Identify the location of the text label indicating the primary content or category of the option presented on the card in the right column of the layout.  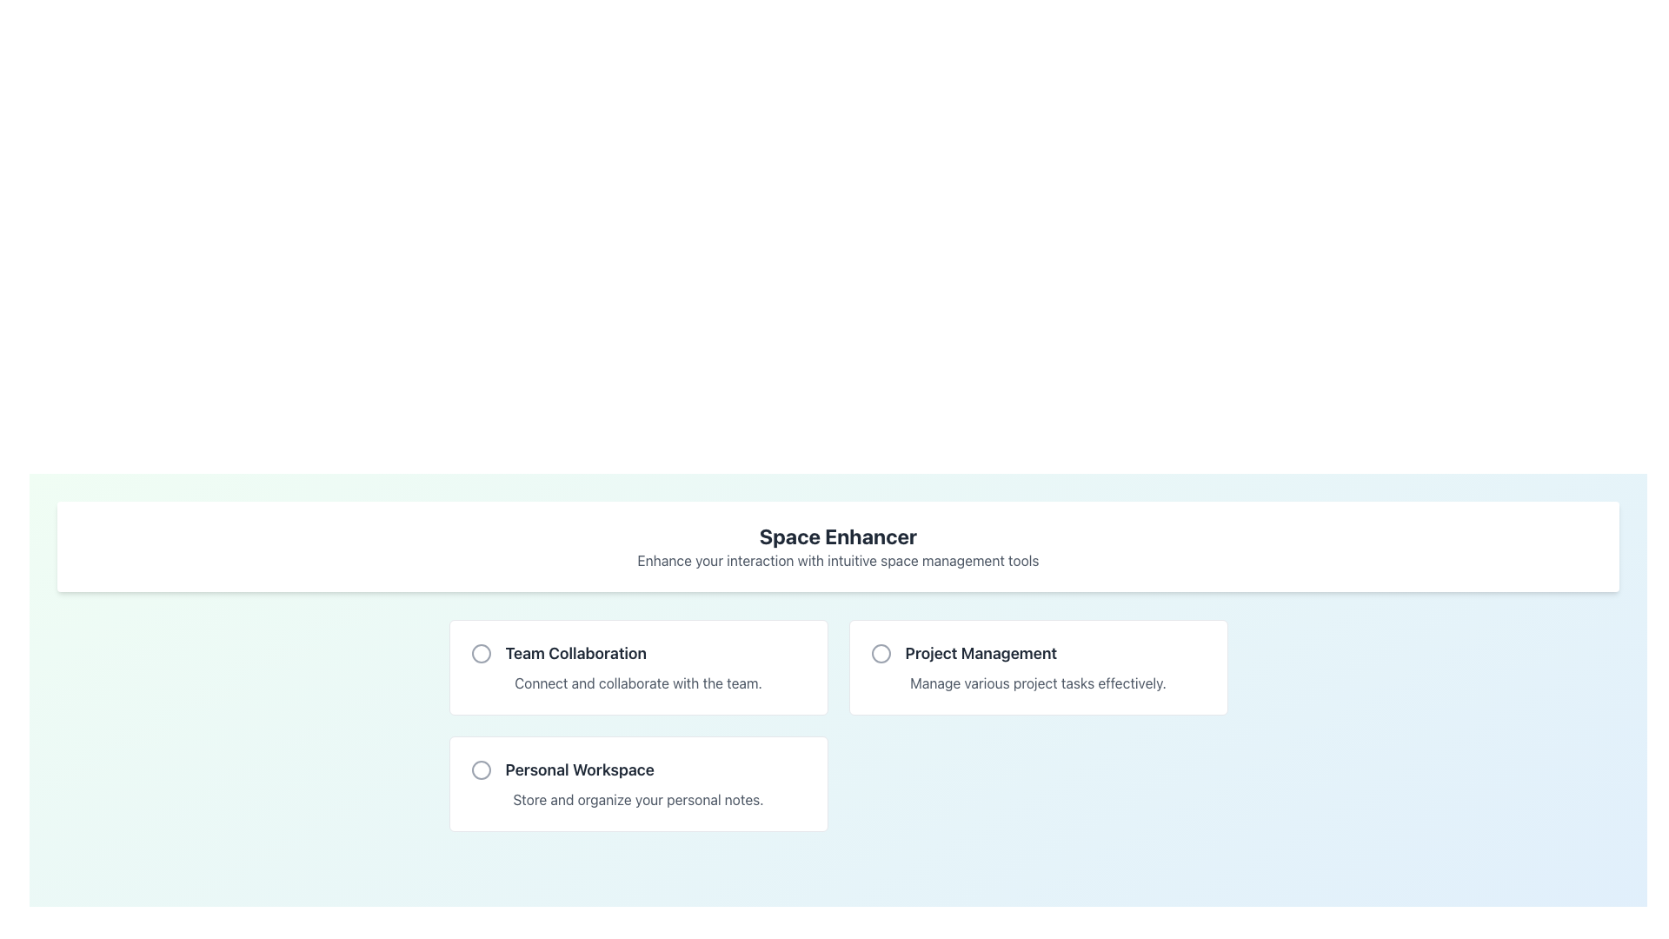
(1038, 654).